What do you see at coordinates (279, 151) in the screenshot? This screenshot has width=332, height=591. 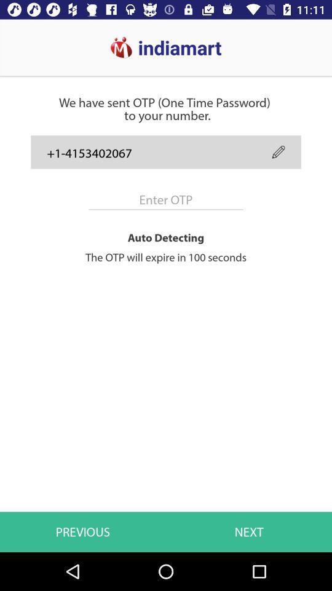 I see `the item at the top right corner` at bounding box center [279, 151].